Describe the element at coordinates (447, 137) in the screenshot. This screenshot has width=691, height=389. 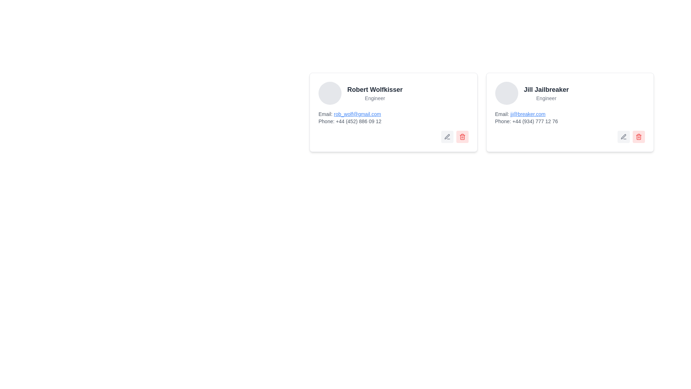
I see `the edit icon located in the bottom-right corner of the card representing the user 'Jill Jailbreaker'` at that location.